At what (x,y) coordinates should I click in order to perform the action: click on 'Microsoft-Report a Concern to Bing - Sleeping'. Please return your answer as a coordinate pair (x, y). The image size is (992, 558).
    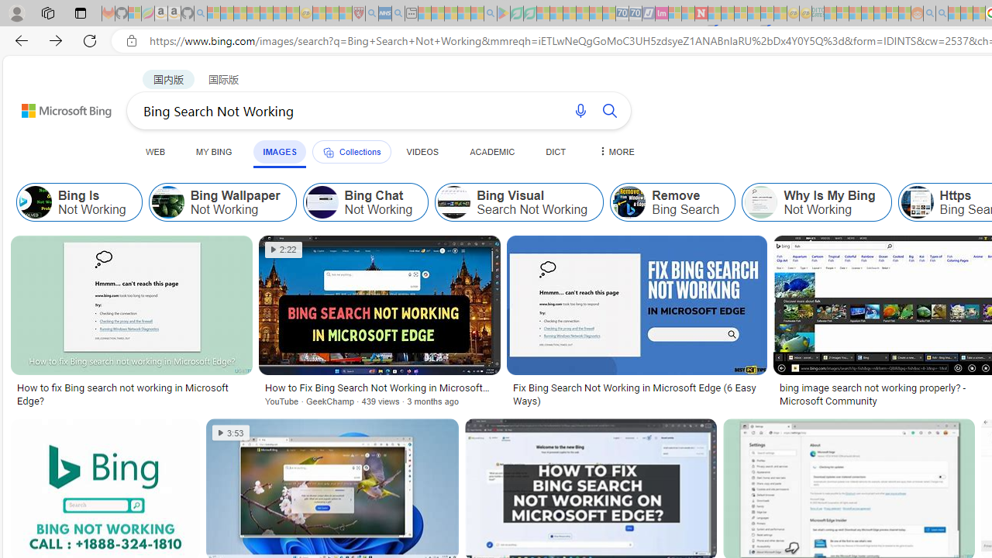
    Looking at the image, I should click on (135, 13).